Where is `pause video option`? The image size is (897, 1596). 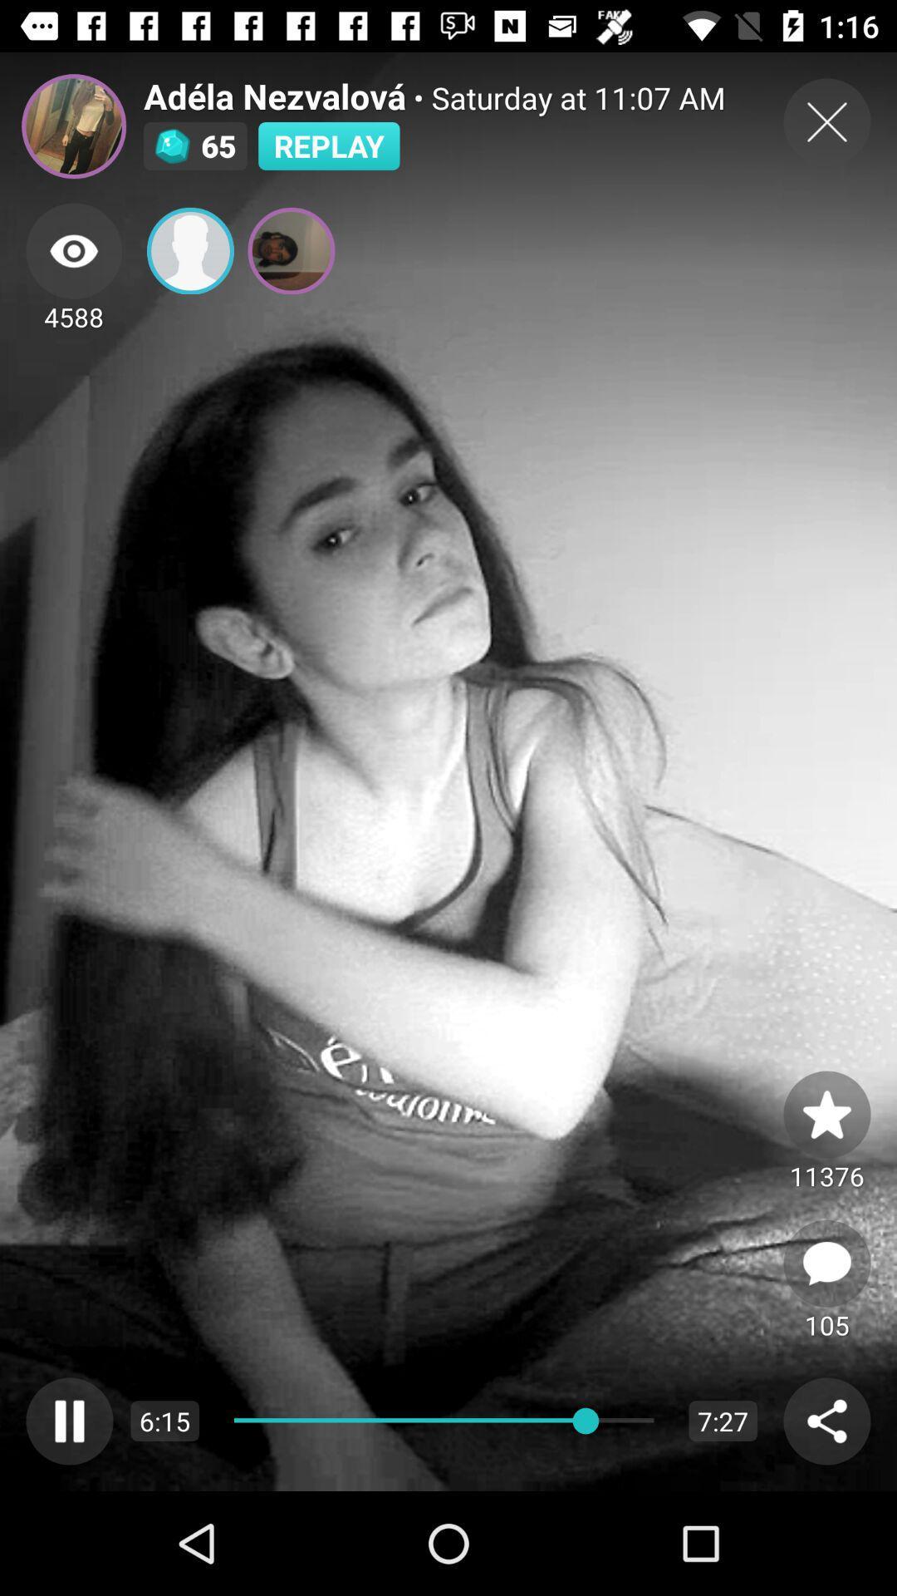 pause video option is located at coordinates (69, 1420).